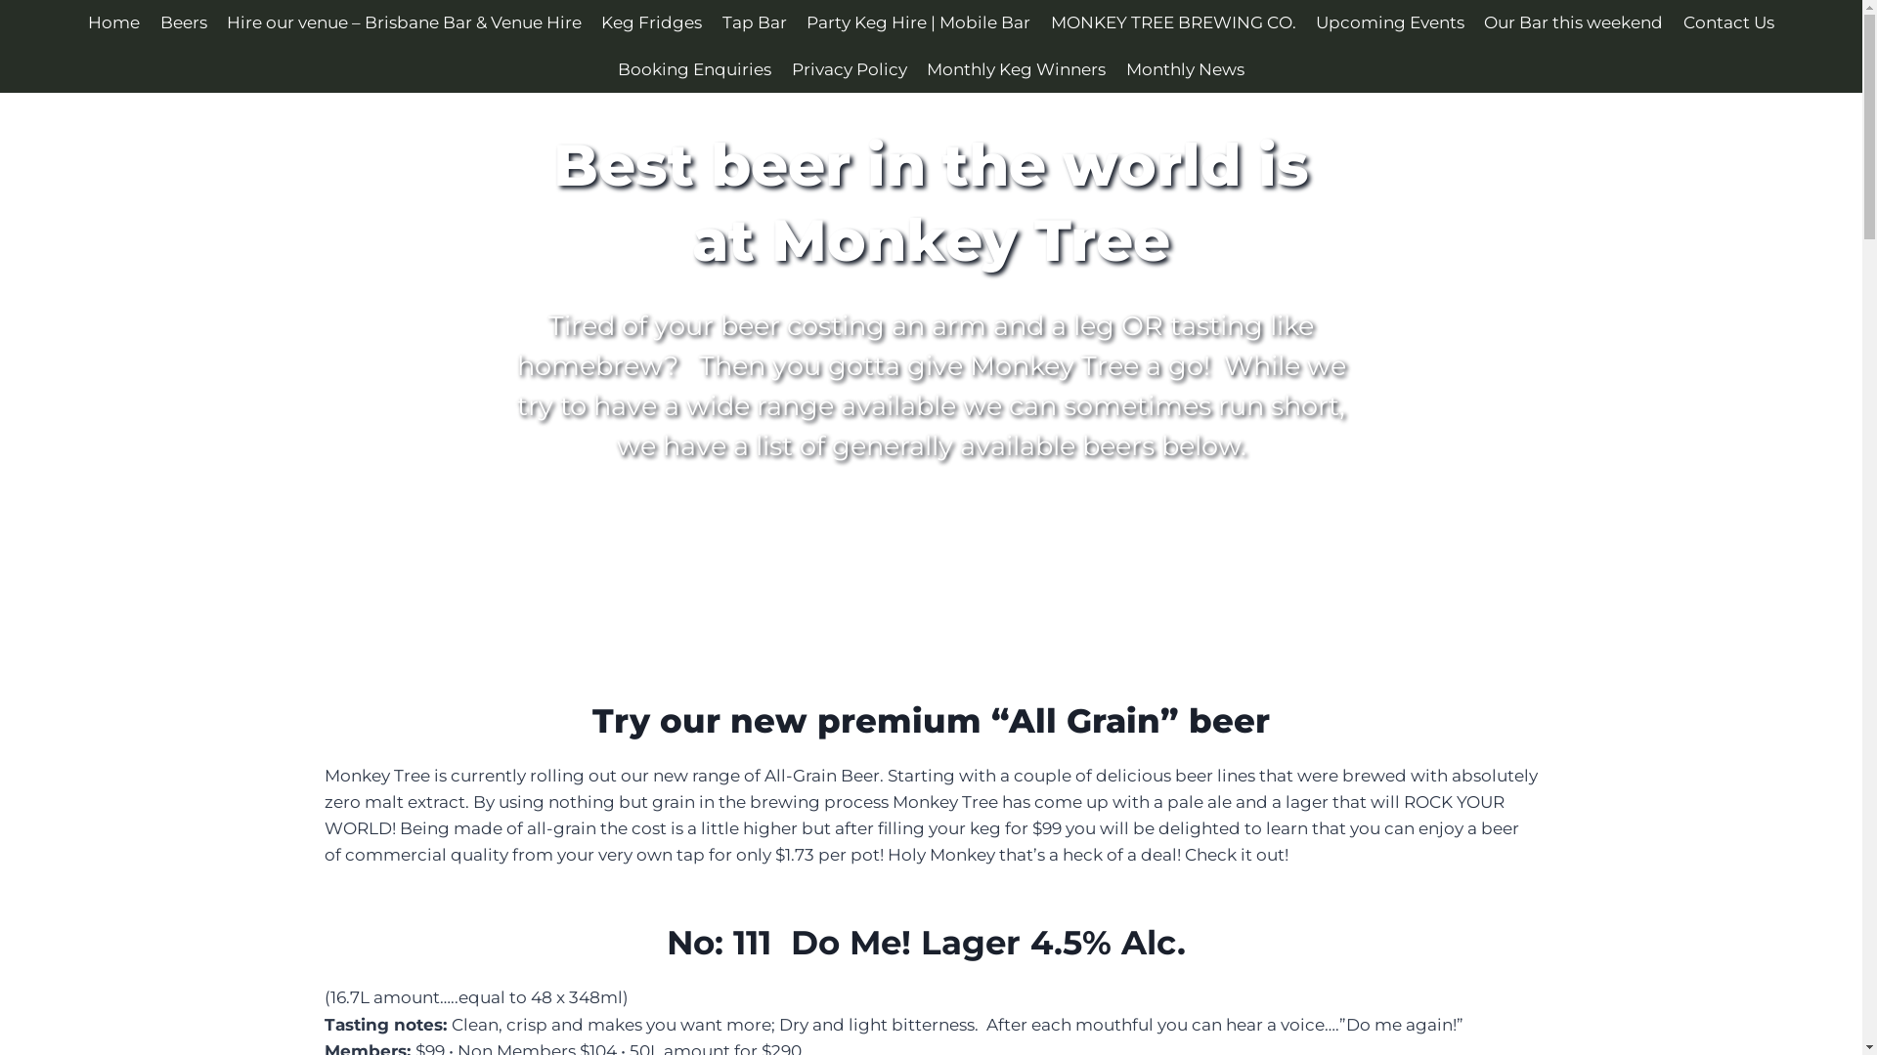  I want to click on 'Monthly Keg Winners', so click(1016, 69).